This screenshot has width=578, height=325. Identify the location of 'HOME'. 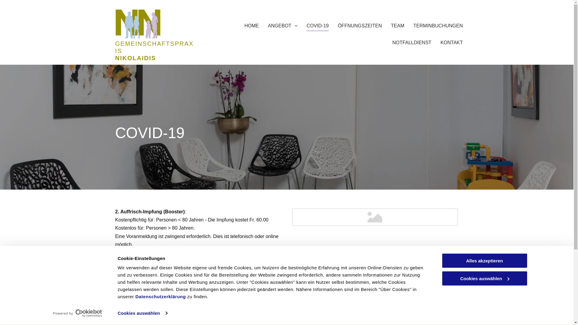
(251, 24).